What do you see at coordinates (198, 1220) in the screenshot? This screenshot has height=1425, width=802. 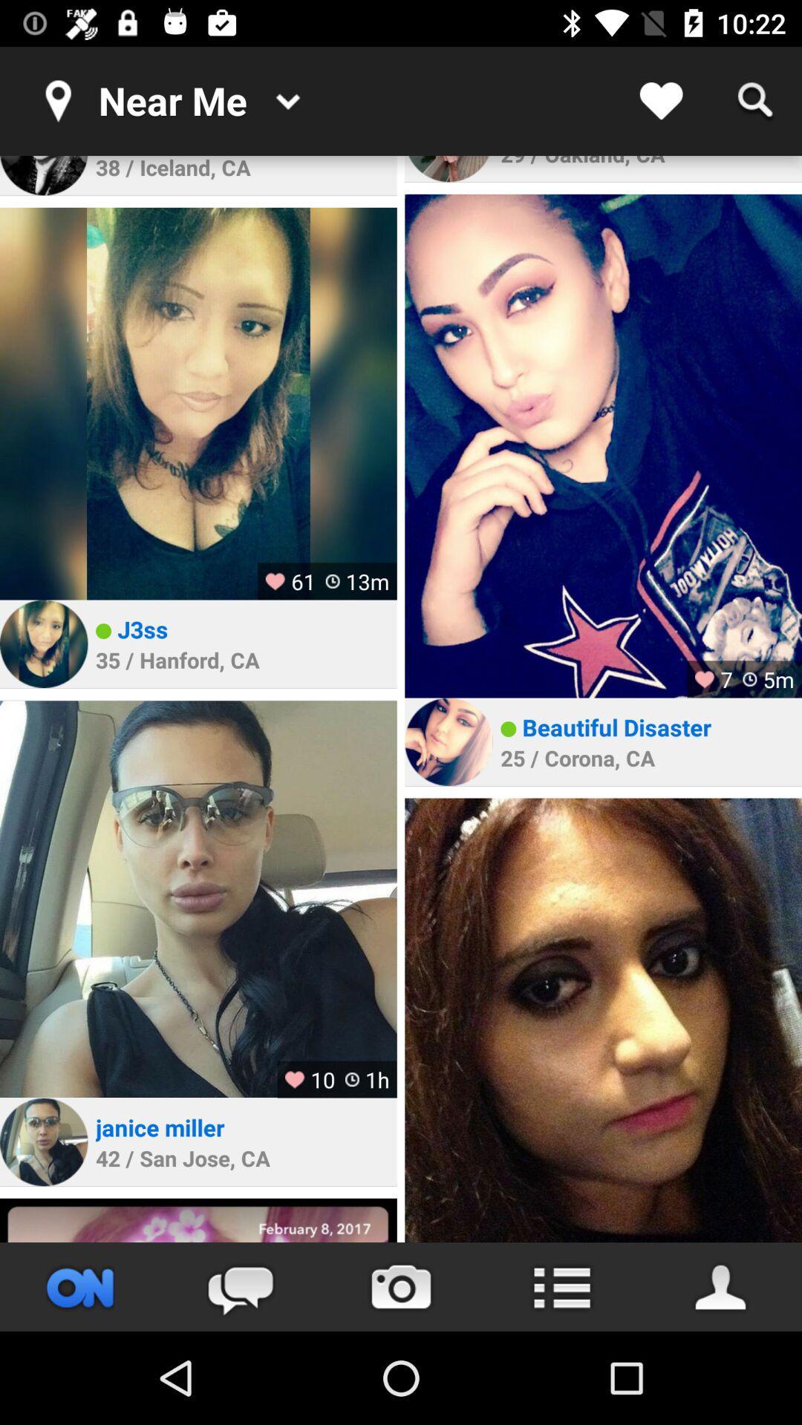 I see `advertisement` at bounding box center [198, 1220].